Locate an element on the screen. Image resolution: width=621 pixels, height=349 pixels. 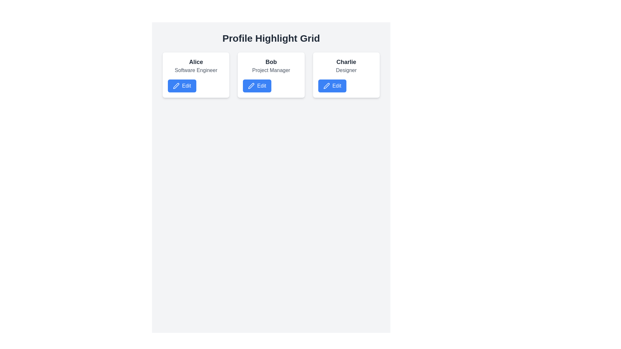
the text label indicating 'Designer' associated with 'Charlie' in the third card of the 'Profile Highlight Grid' is located at coordinates (346, 70).